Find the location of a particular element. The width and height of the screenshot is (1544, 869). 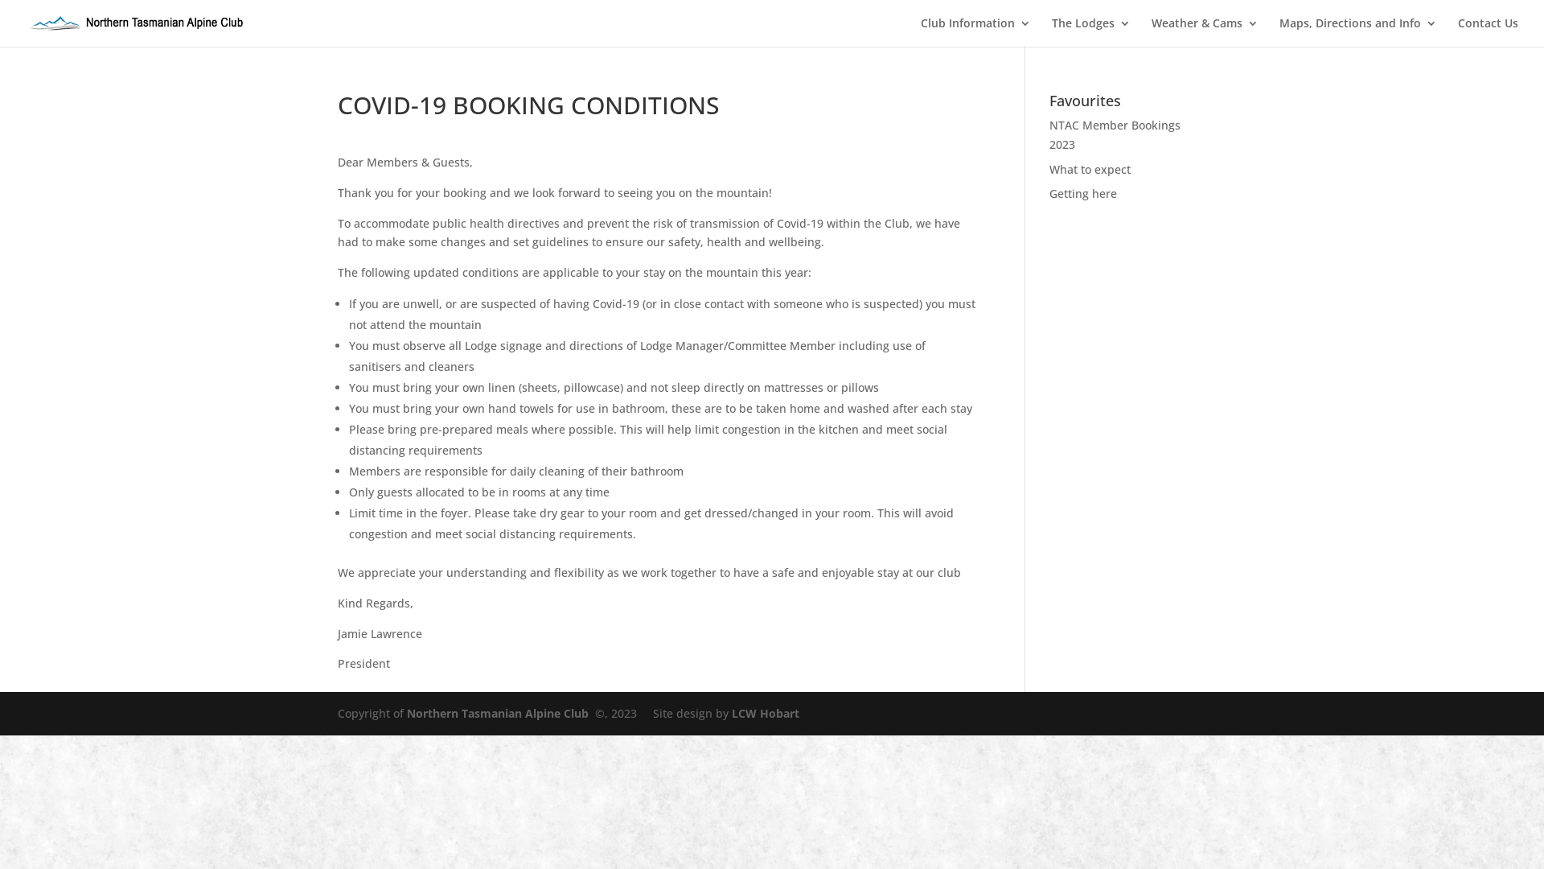

'Getting here' is located at coordinates (1049, 192).